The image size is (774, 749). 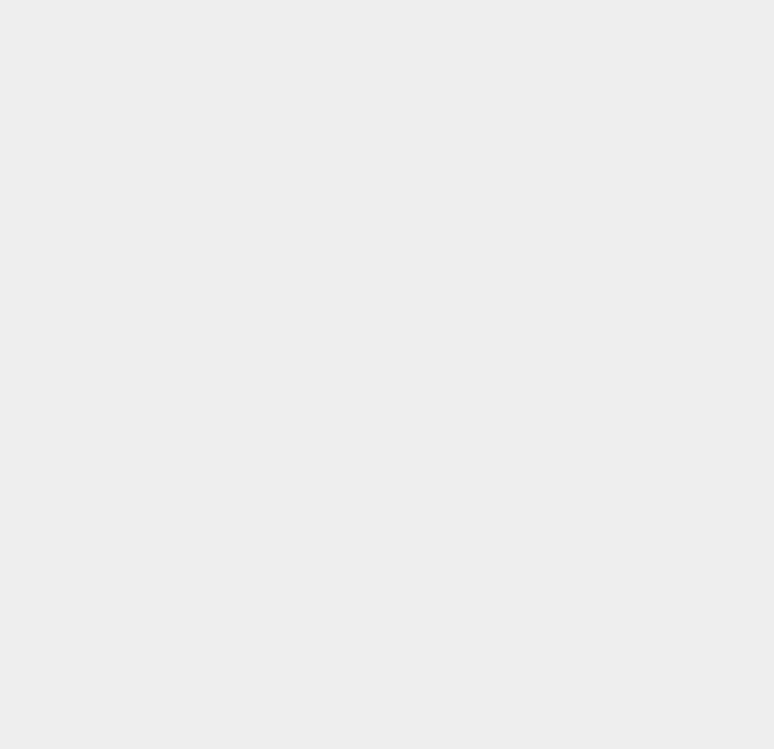 What do you see at coordinates (581, 498) in the screenshot?
I see `'Communication'` at bounding box center [581, 498].